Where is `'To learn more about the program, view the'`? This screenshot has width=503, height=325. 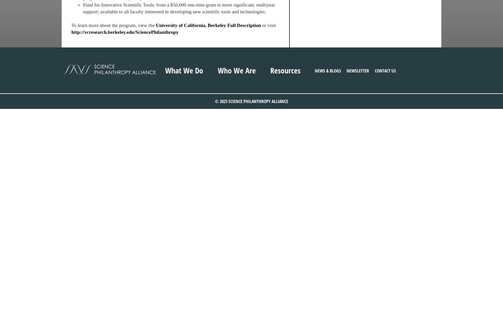
'To learn more about the program, view the' is located at coordinates (71, 25).